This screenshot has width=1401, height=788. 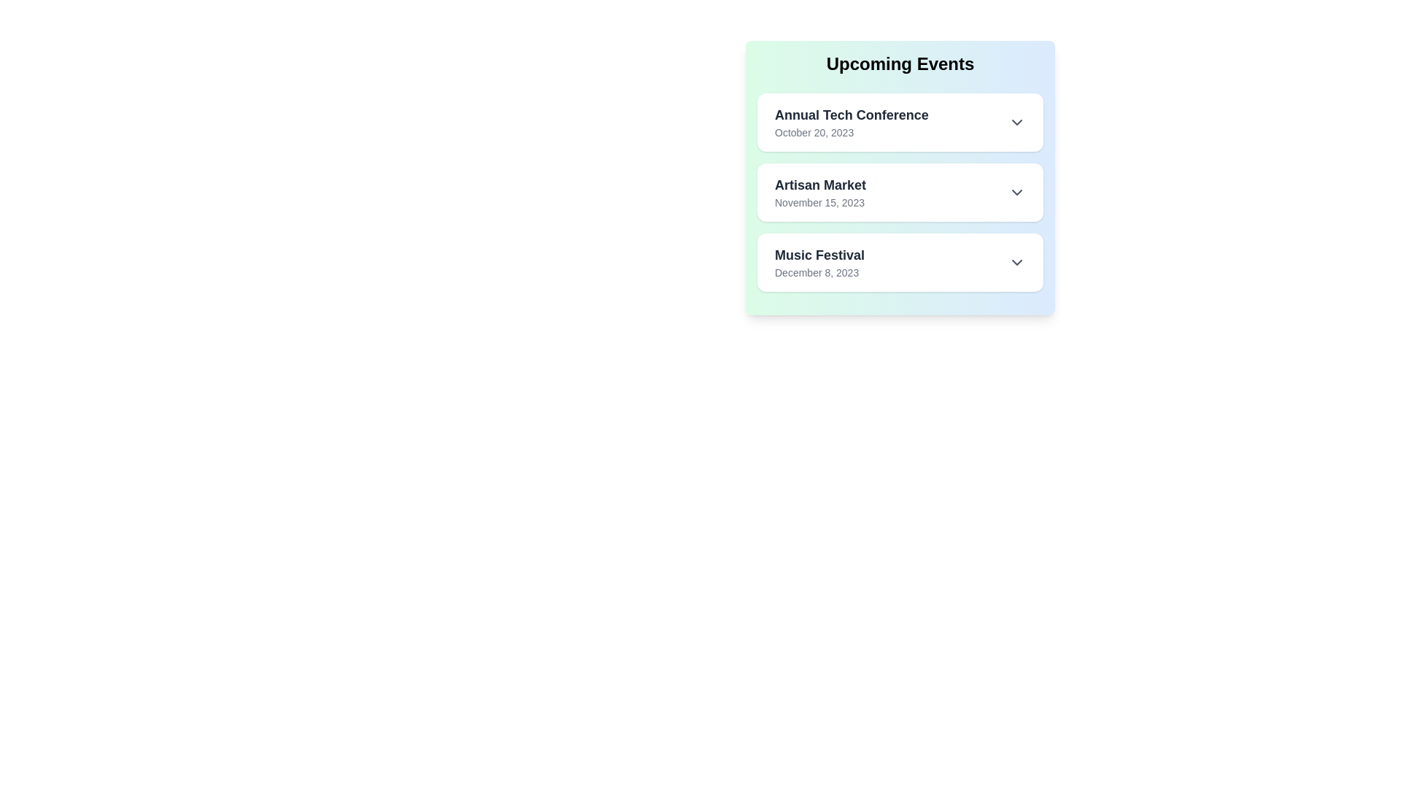 What do you see at coordinates (899, 191) in the screenshot?
I see `the second list item titled 'Artisan Market'` at bounding box center [899, 191].